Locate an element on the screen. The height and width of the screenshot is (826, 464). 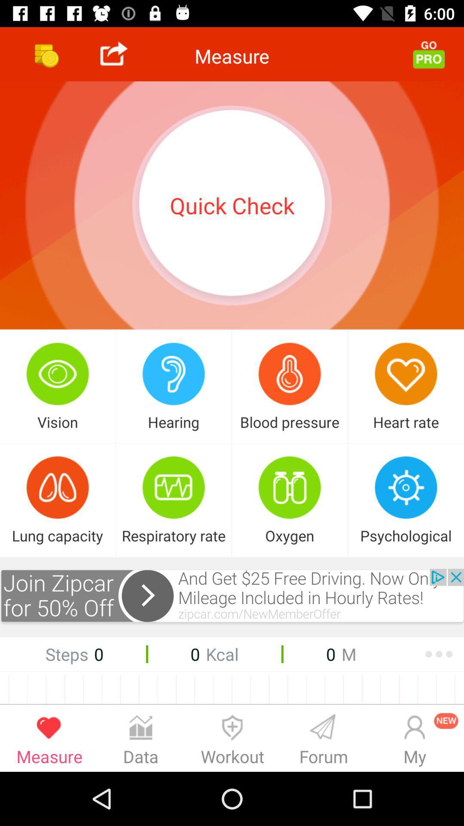
open advertisement is located at coordinates (232, 596).